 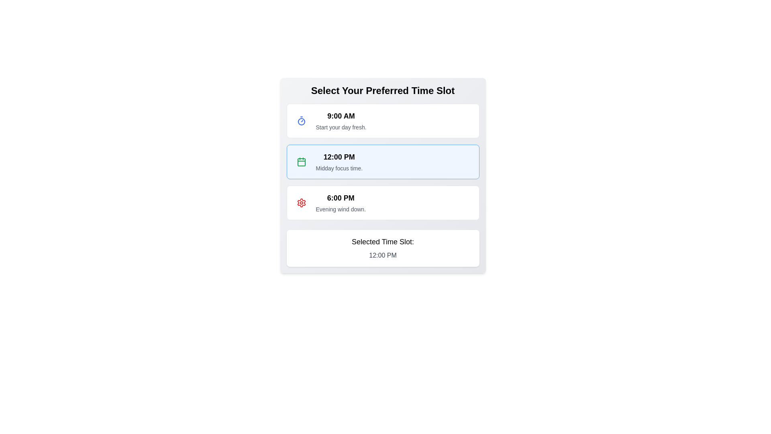 I want to click on the selectable time slot for 'Midday focus time', so click(x=382, y=175).